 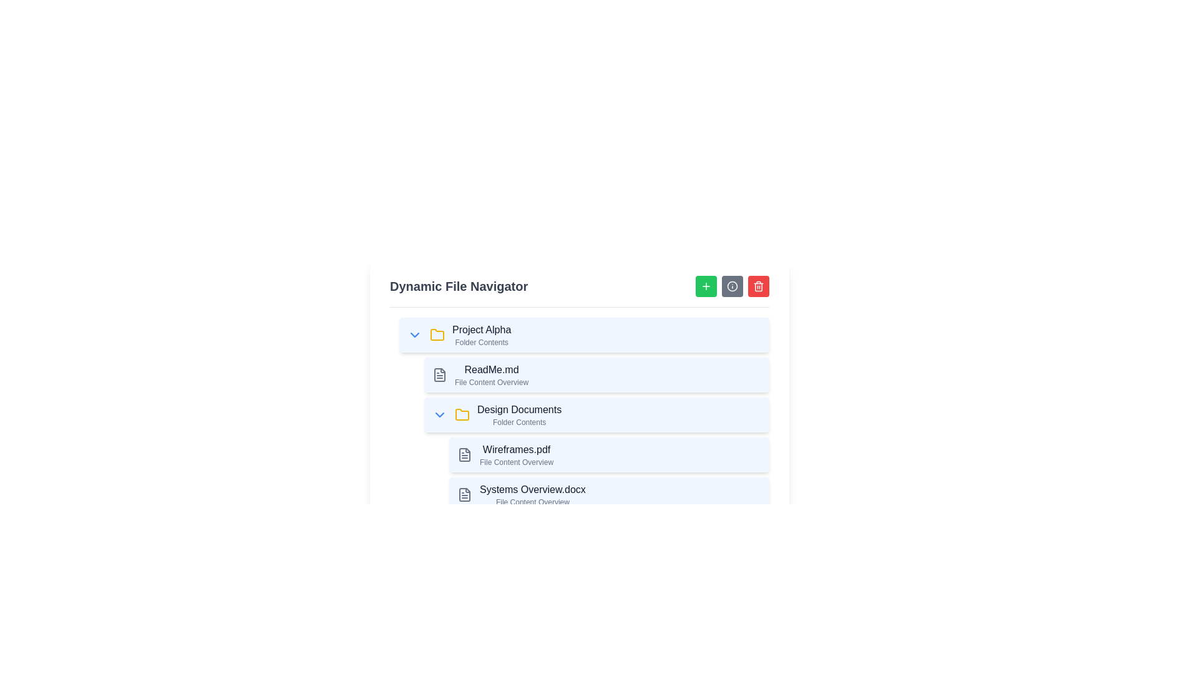 What do you see at coordinates (596, 374) in the screenshot?
I see `on the 'ReadMe.md' file item element, which is a rectangular card located below the 'Project Alpha' folder in the file navigator` at bounding box center [596, 374].